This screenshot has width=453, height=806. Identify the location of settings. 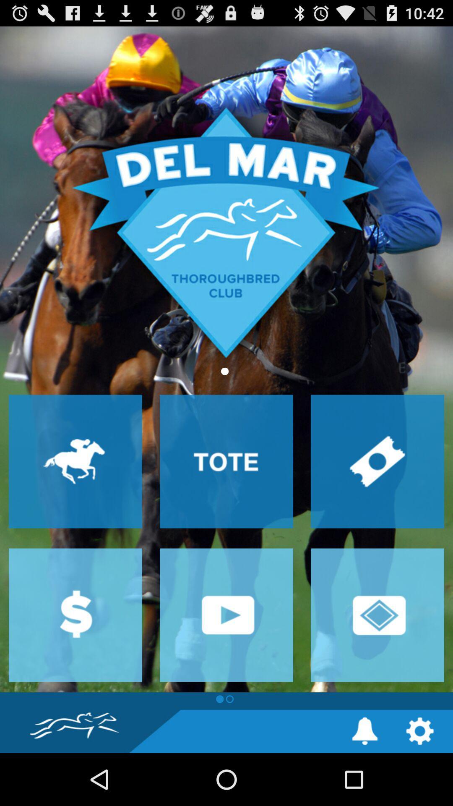
(420, 730).